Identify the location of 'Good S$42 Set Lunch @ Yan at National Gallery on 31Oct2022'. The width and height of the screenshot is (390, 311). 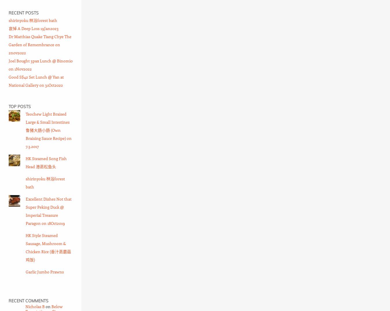
(36, 81).